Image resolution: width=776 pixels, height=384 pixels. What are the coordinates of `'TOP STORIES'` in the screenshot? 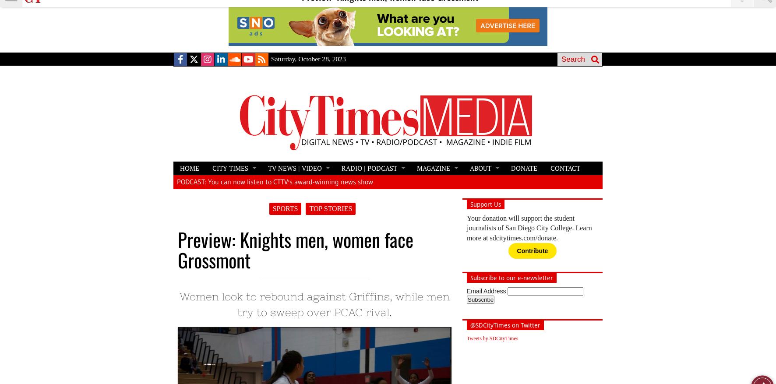 It's located at (308, 208).